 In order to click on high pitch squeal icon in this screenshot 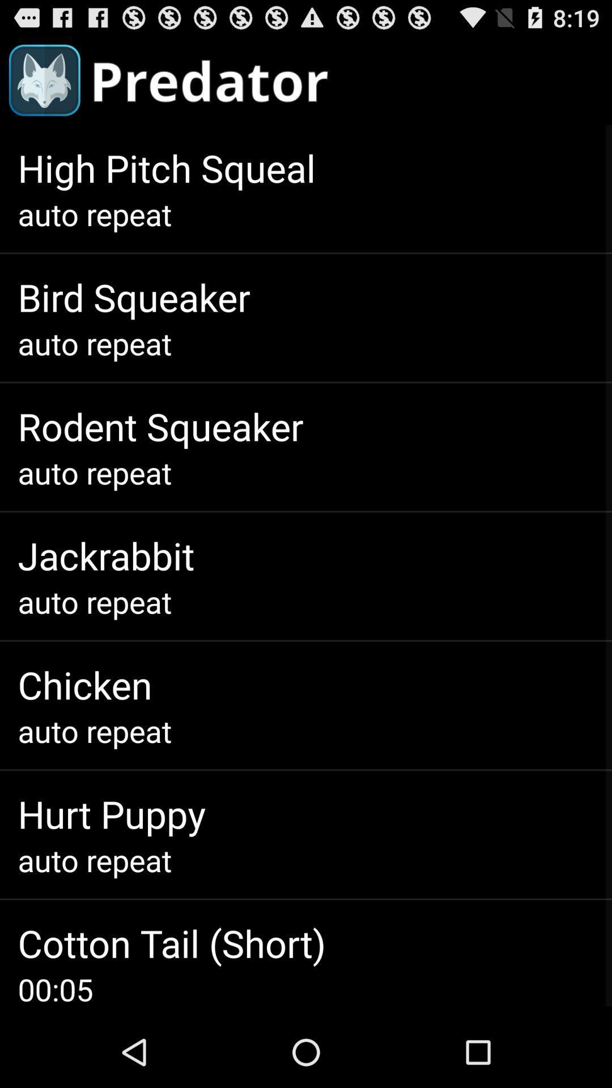, I will do `click(167, 167)`.